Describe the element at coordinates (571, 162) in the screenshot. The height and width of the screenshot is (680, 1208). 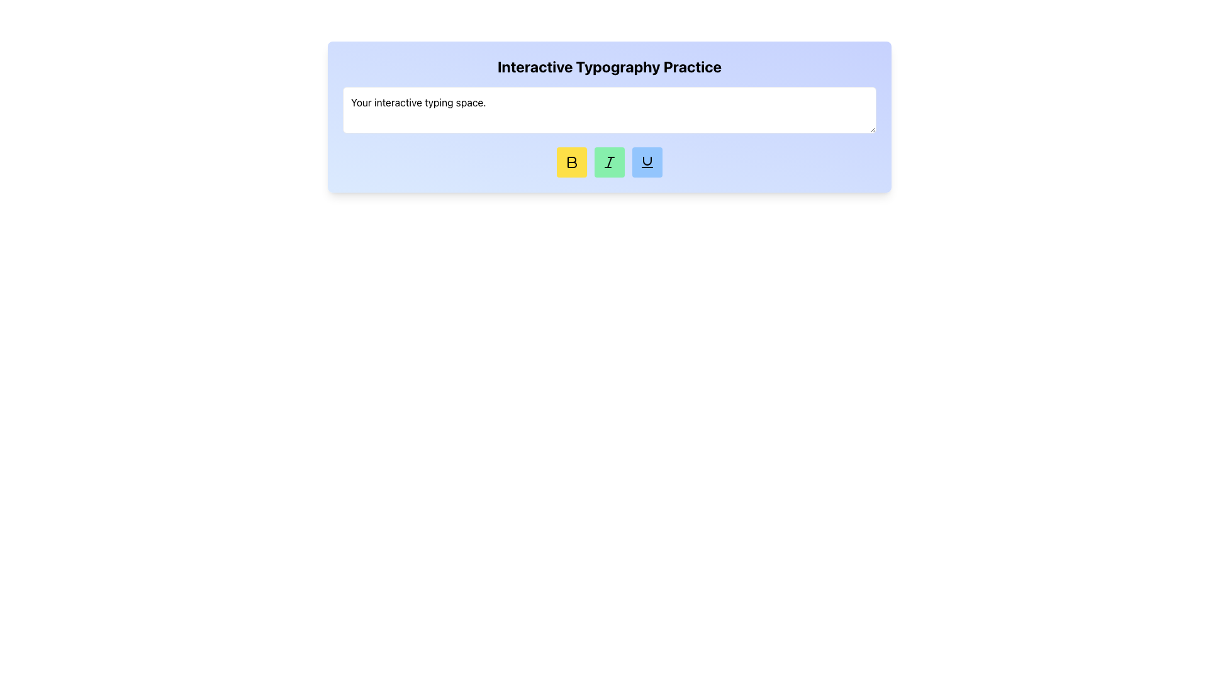
I see `the bold toggle button located as the first button in a row of three` at that location.